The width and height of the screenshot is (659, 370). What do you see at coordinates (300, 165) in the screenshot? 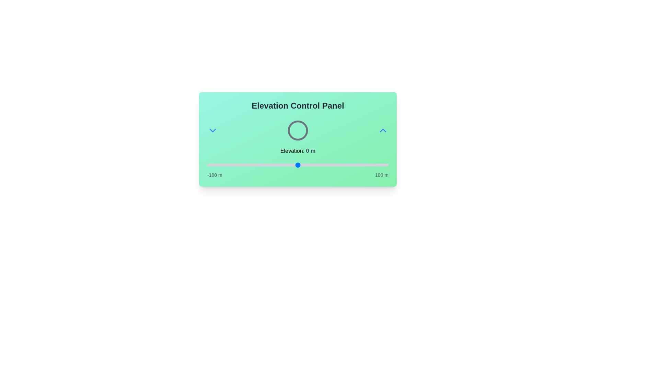
I see `the elevation to 3 meters using the slider` at bounding box center [300, 165].